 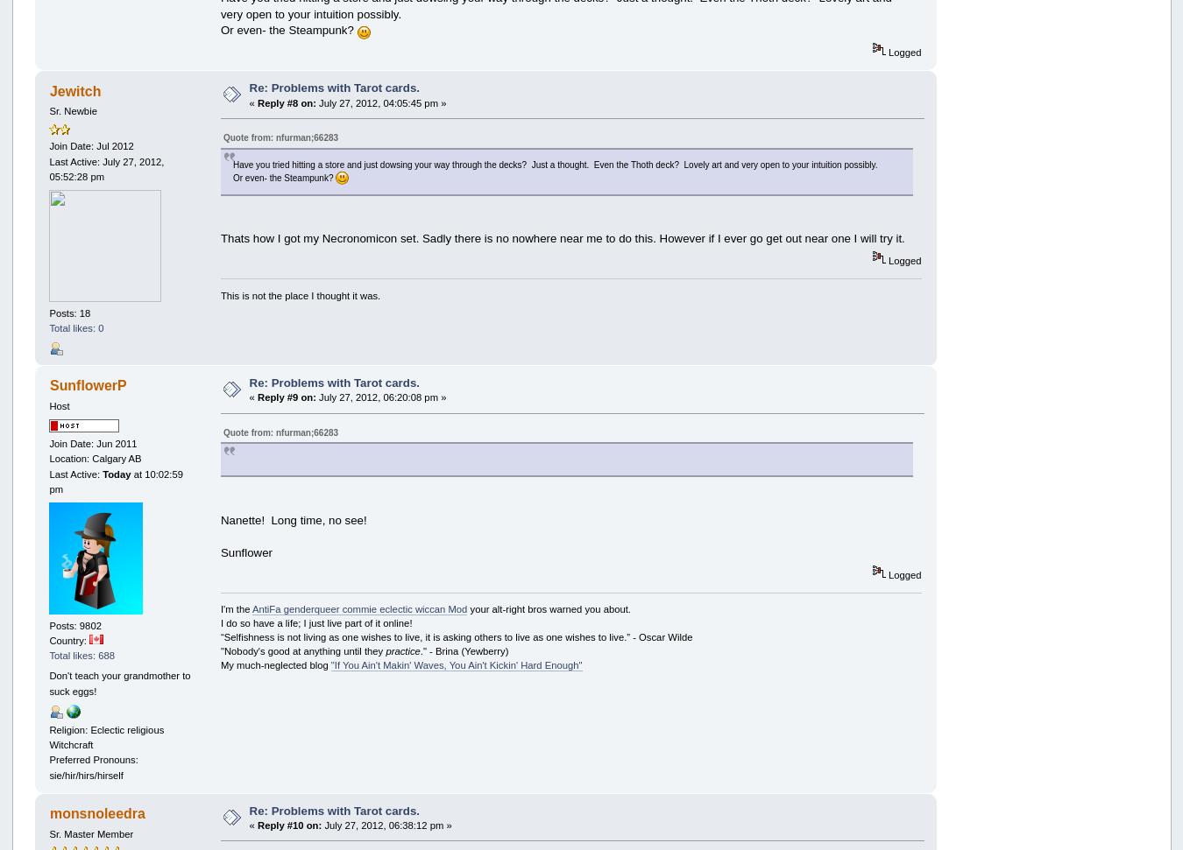 I want to click on 'Reply #9 on:', so click(x=257, y=397).